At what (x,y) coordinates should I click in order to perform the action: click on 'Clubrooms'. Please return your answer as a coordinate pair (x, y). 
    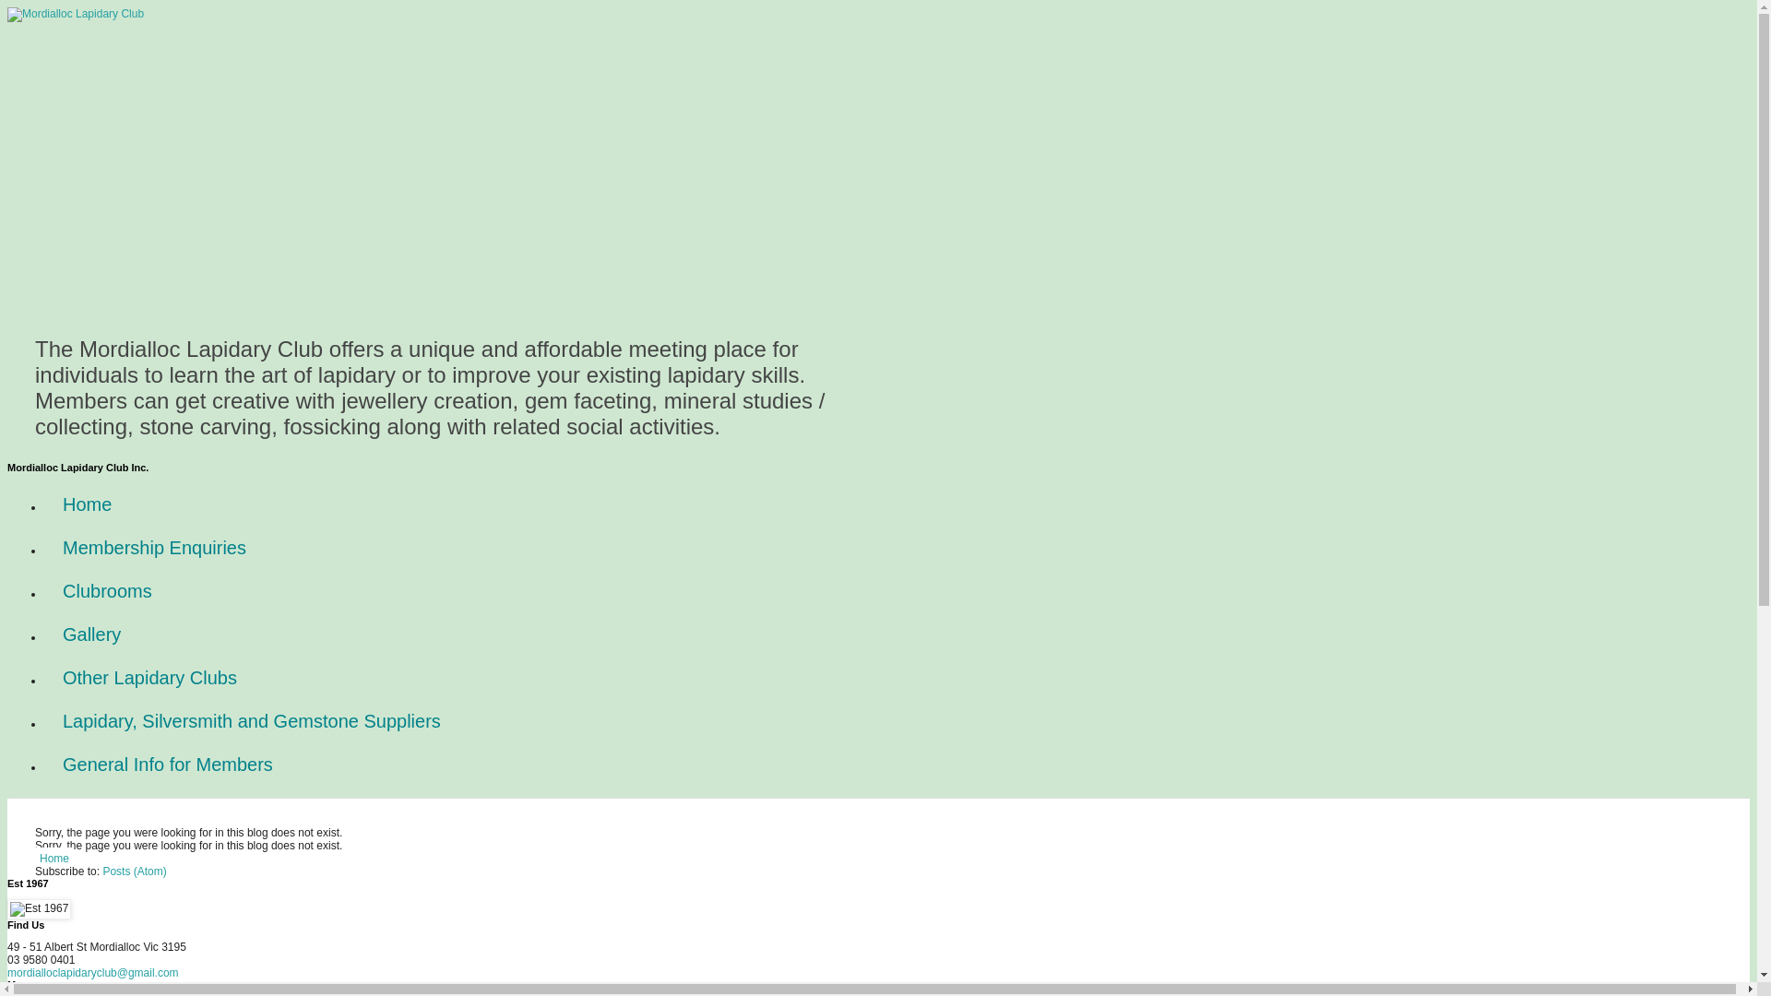
    Looking at the image, I should click on (106, 591).